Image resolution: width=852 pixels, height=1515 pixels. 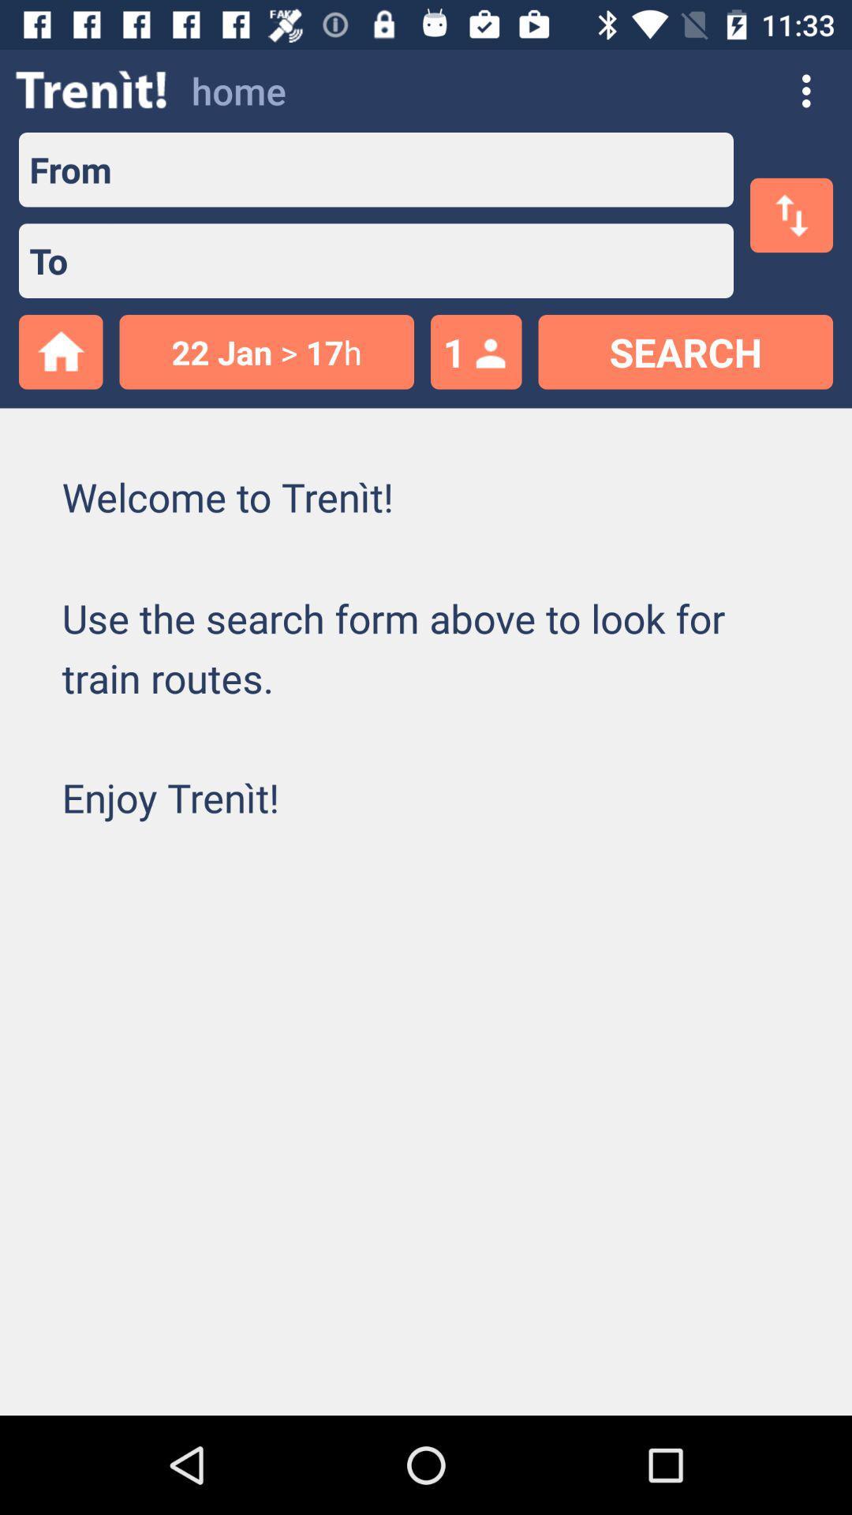 I want to click on item to the left of 1, so click(x=266, y=351).